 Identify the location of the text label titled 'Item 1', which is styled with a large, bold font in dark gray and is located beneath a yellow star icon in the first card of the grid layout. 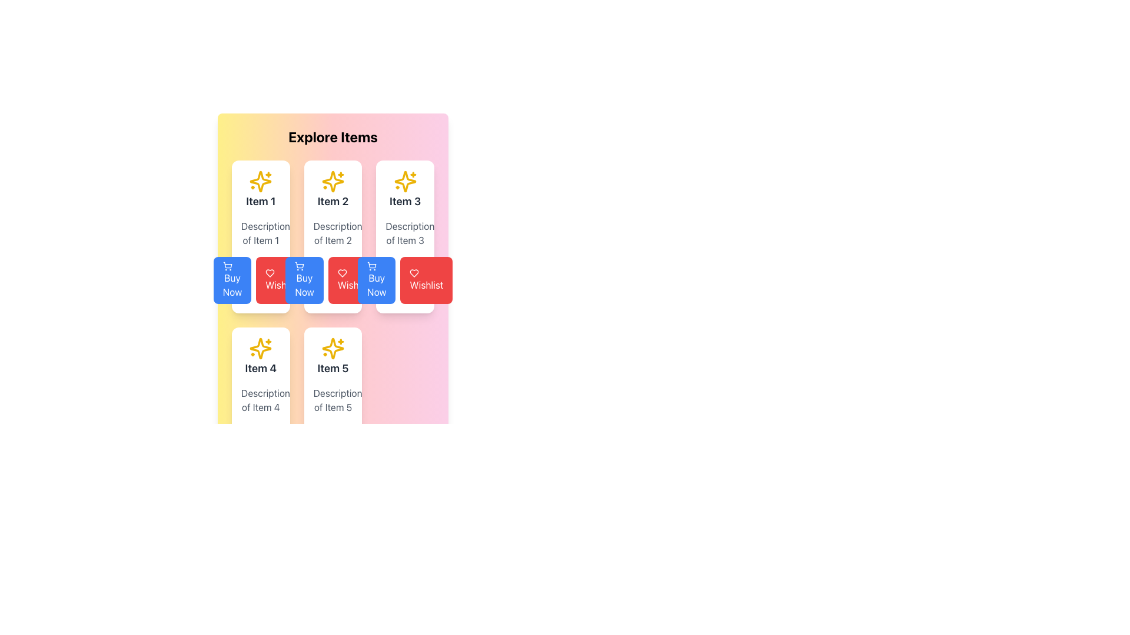
(260, 201).